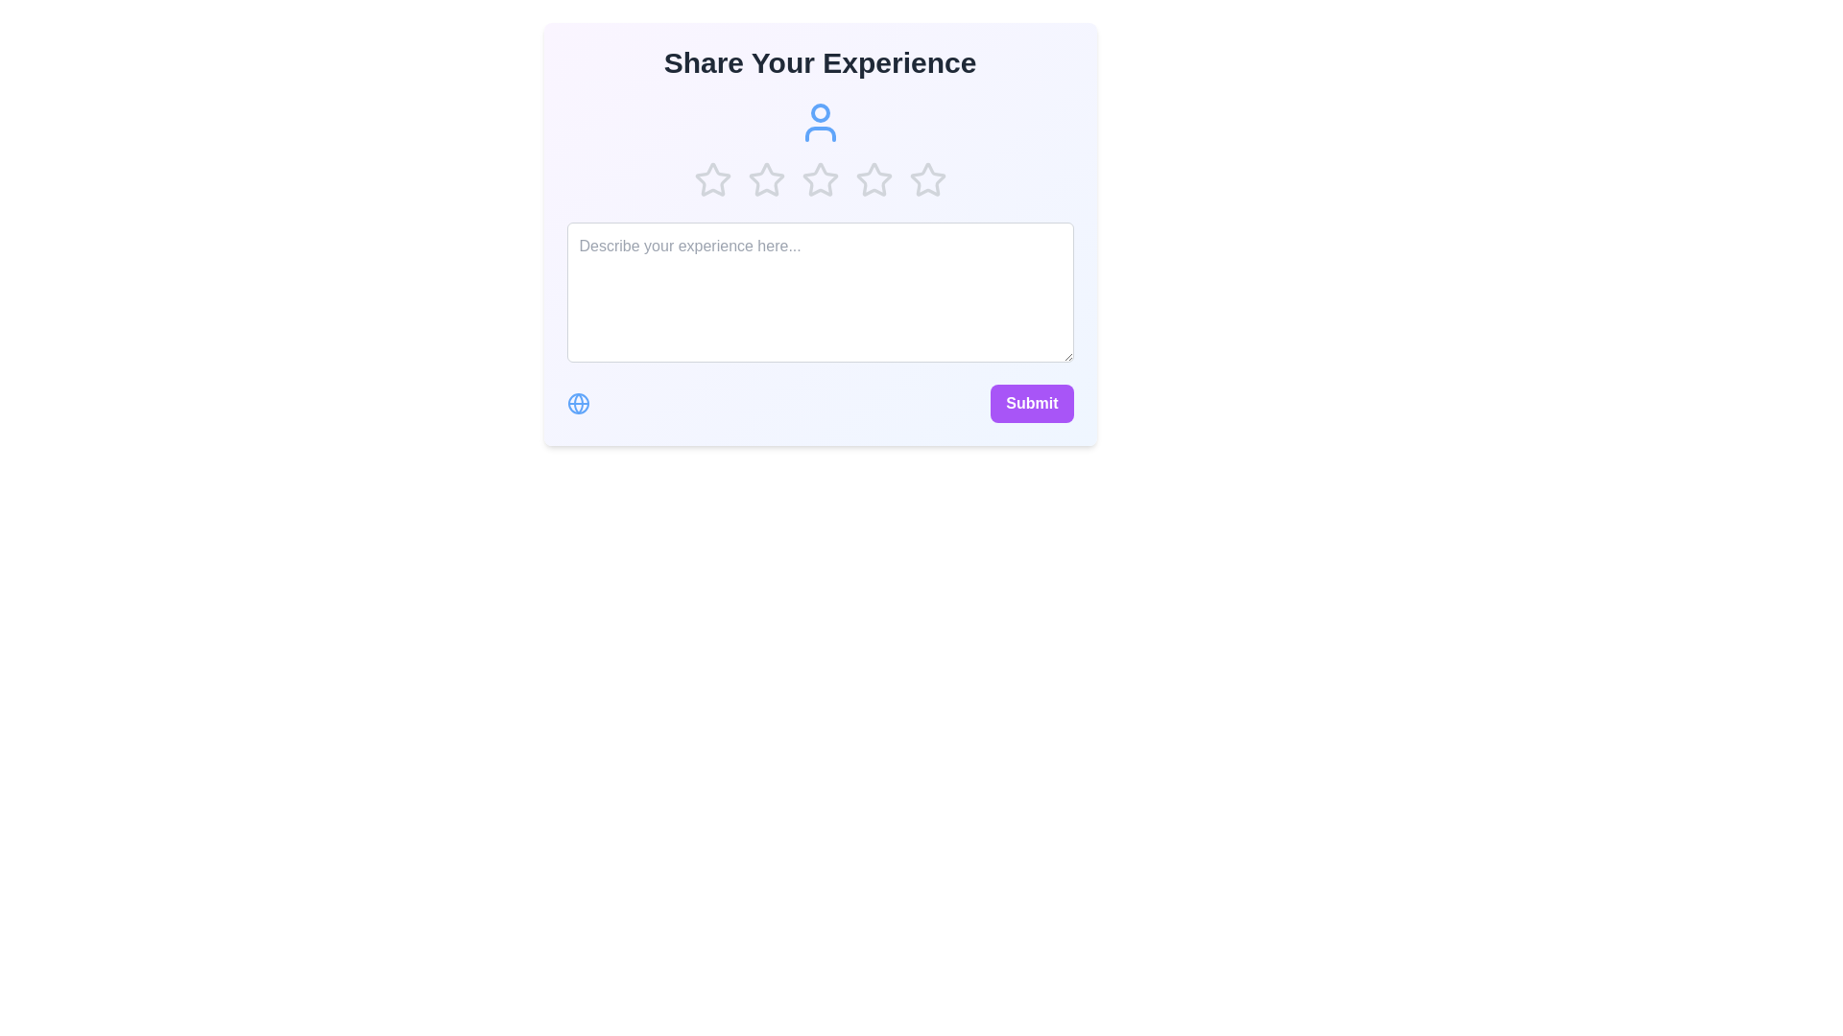 This screenshot has height=1036, width=1843. Describe the element at coordinates (711, 179) in the screenshot. I see `the star outline icon, which is styled in gray and is the first in a horizontal row of five star icons, to rate` at that location.